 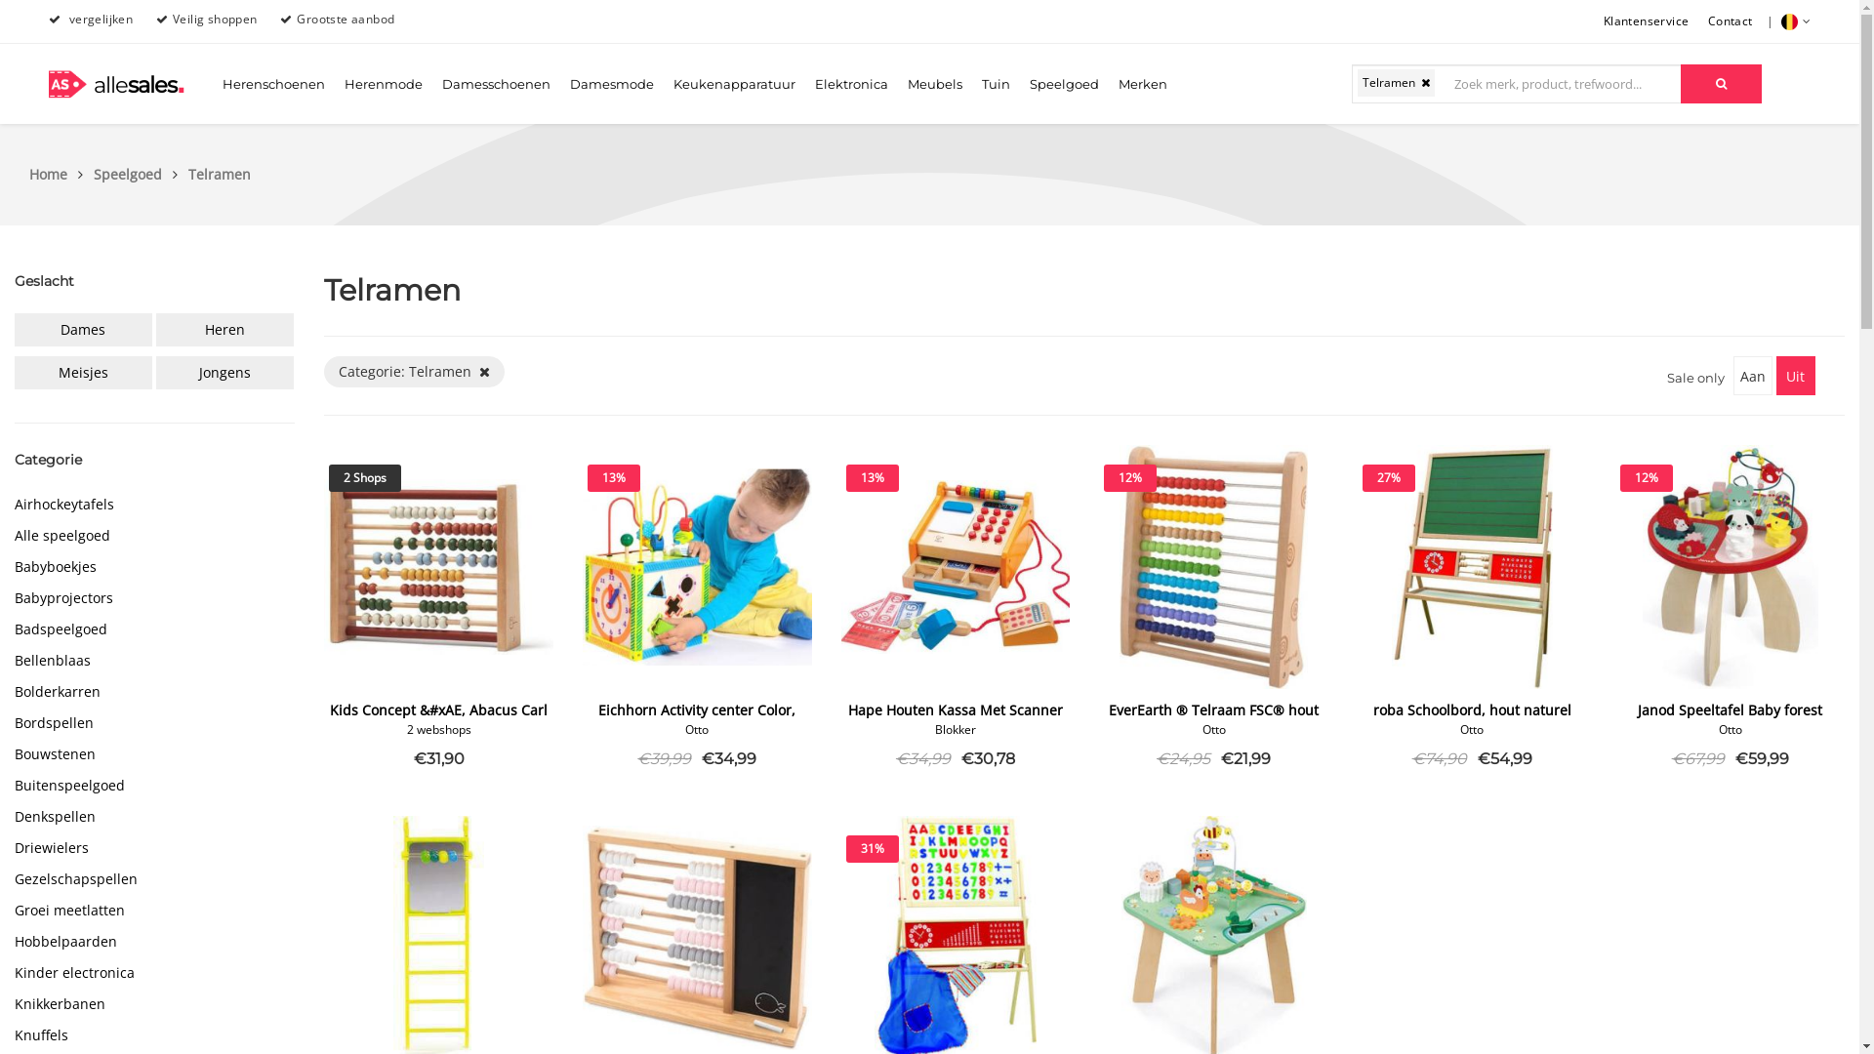 What do you see at coordinates (996, 82) in the screenshot?
I see `'Tuin'` at bounding box center [996, 82].